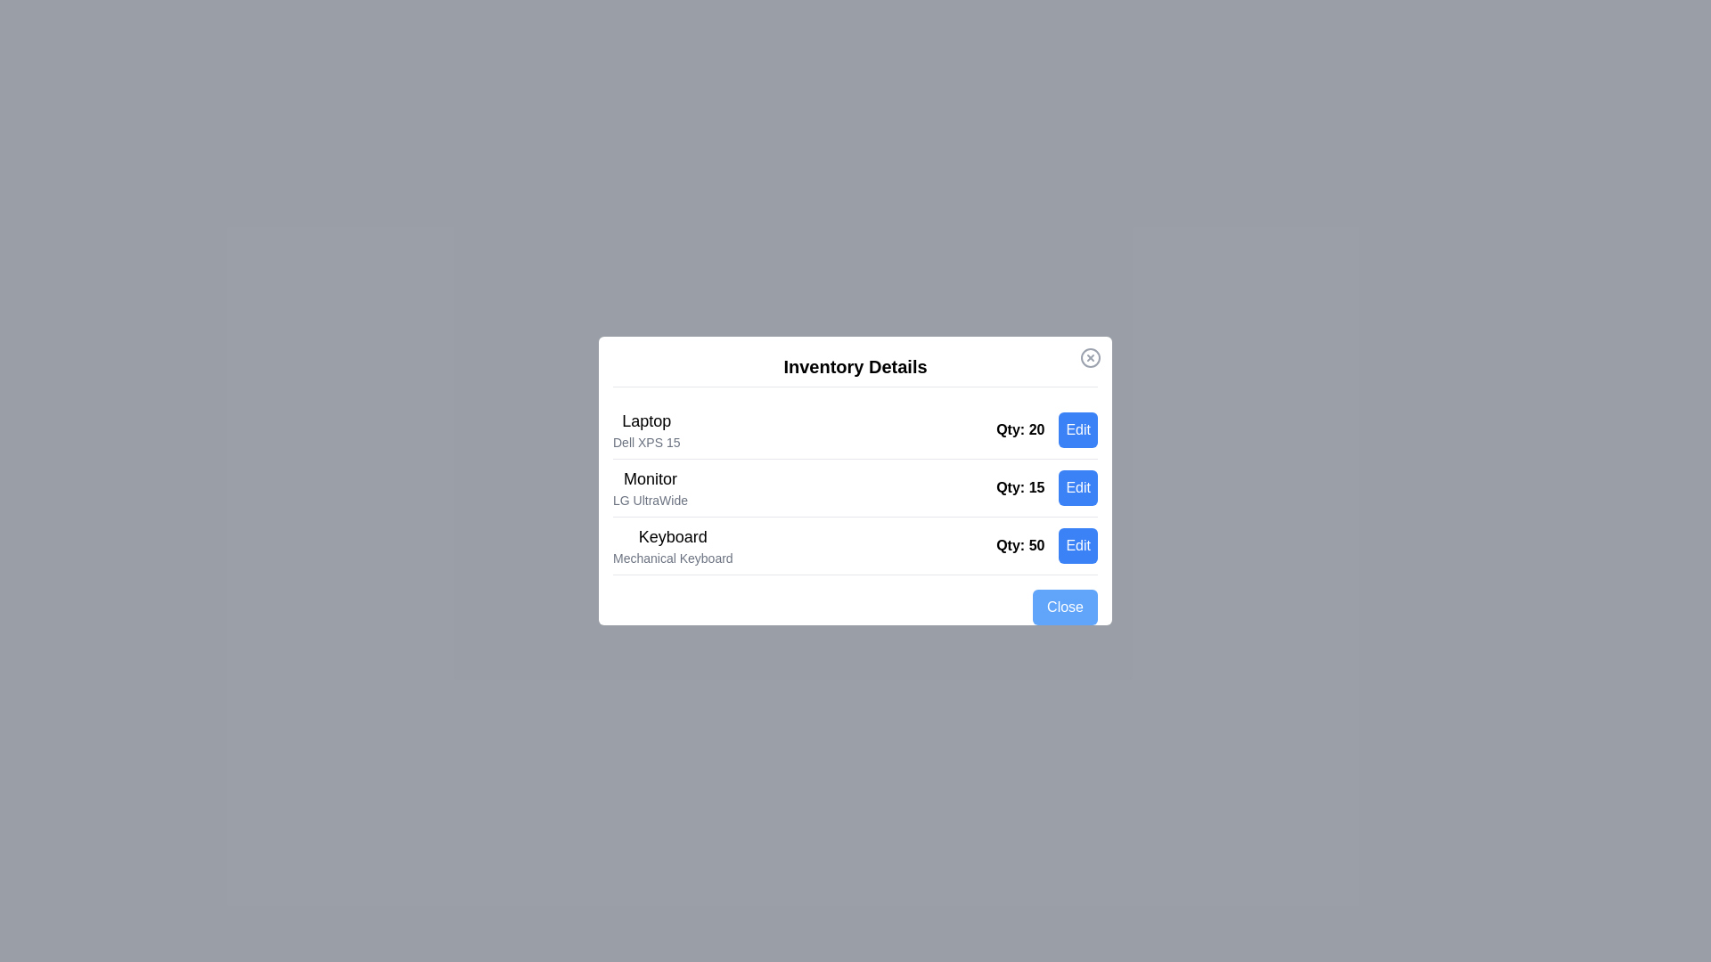 Image resolution: width=1711 pixels, height=962 pixels. Describe the element at coordinates (1077, 429) in the screenshot. I see `the 'Edit' button for the item 'Laptop'` at that location.